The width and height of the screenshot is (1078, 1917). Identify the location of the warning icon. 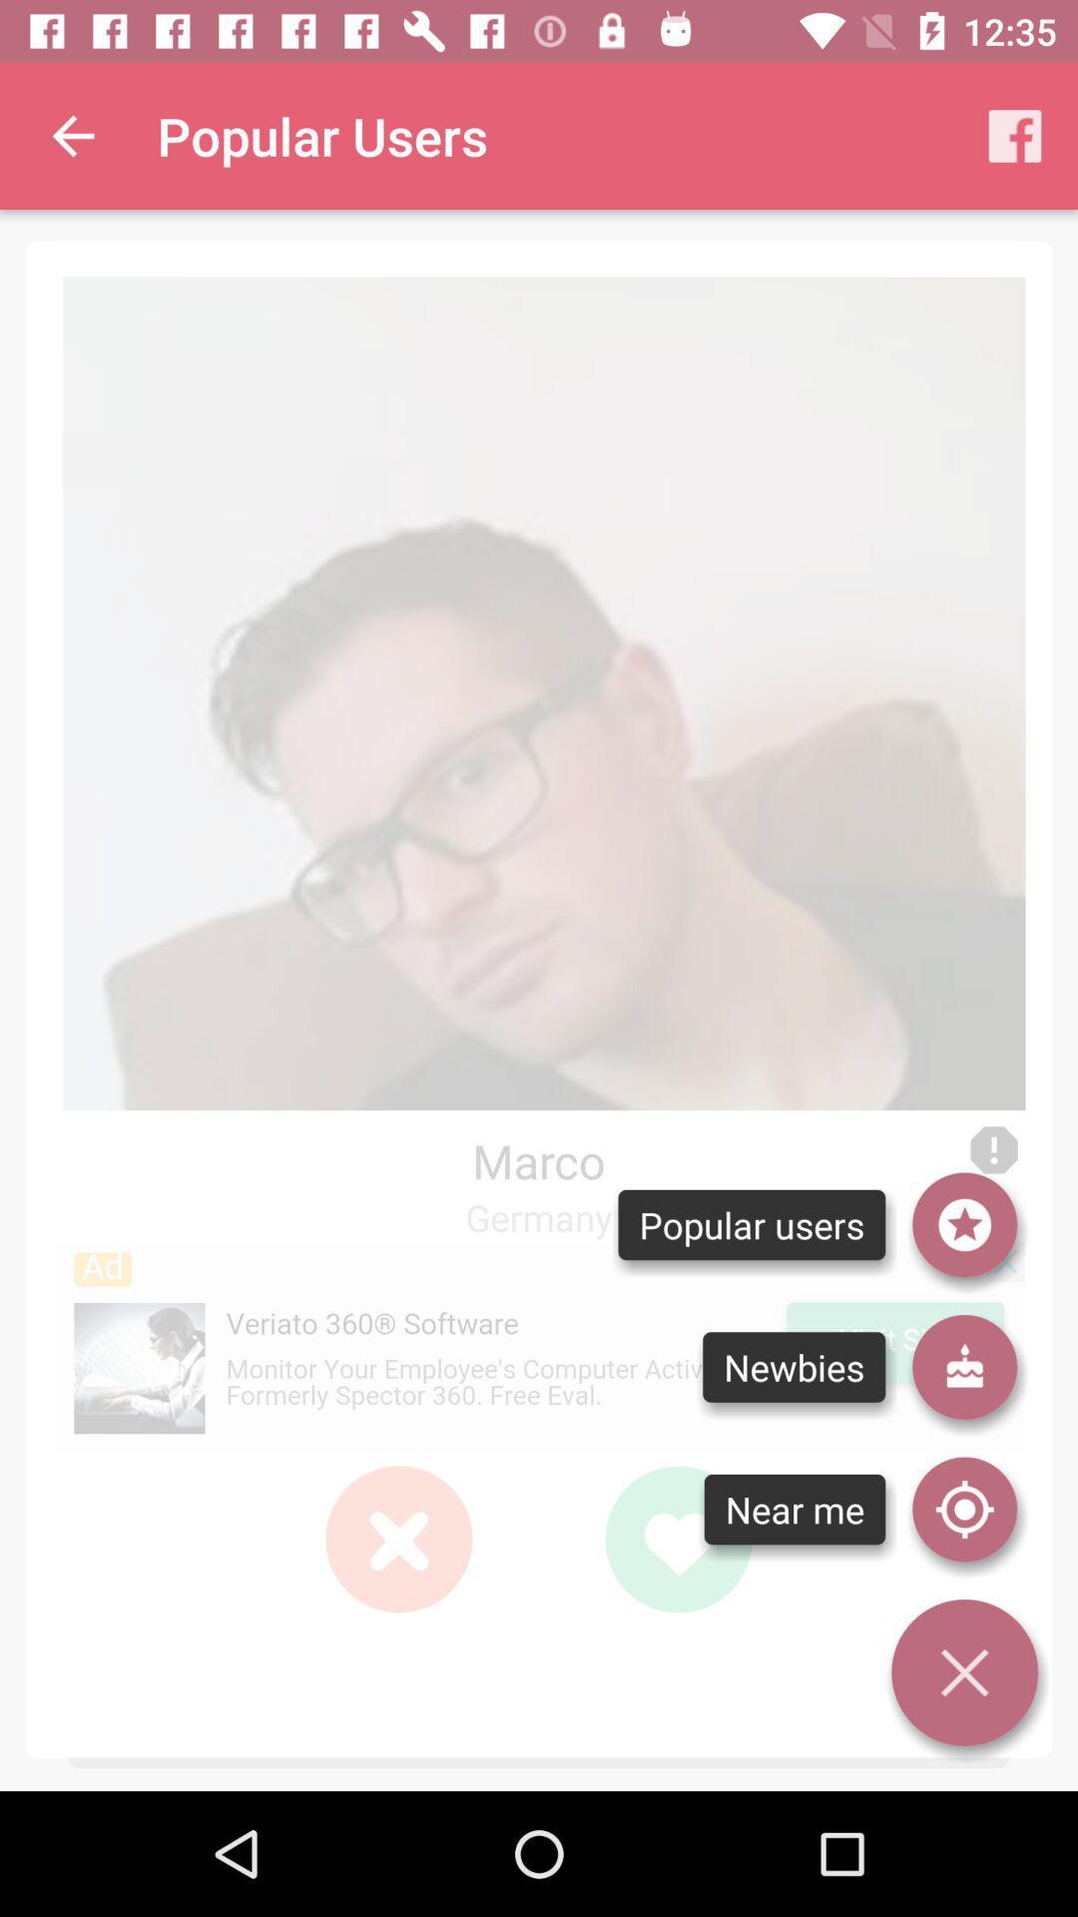
(993, 1150).